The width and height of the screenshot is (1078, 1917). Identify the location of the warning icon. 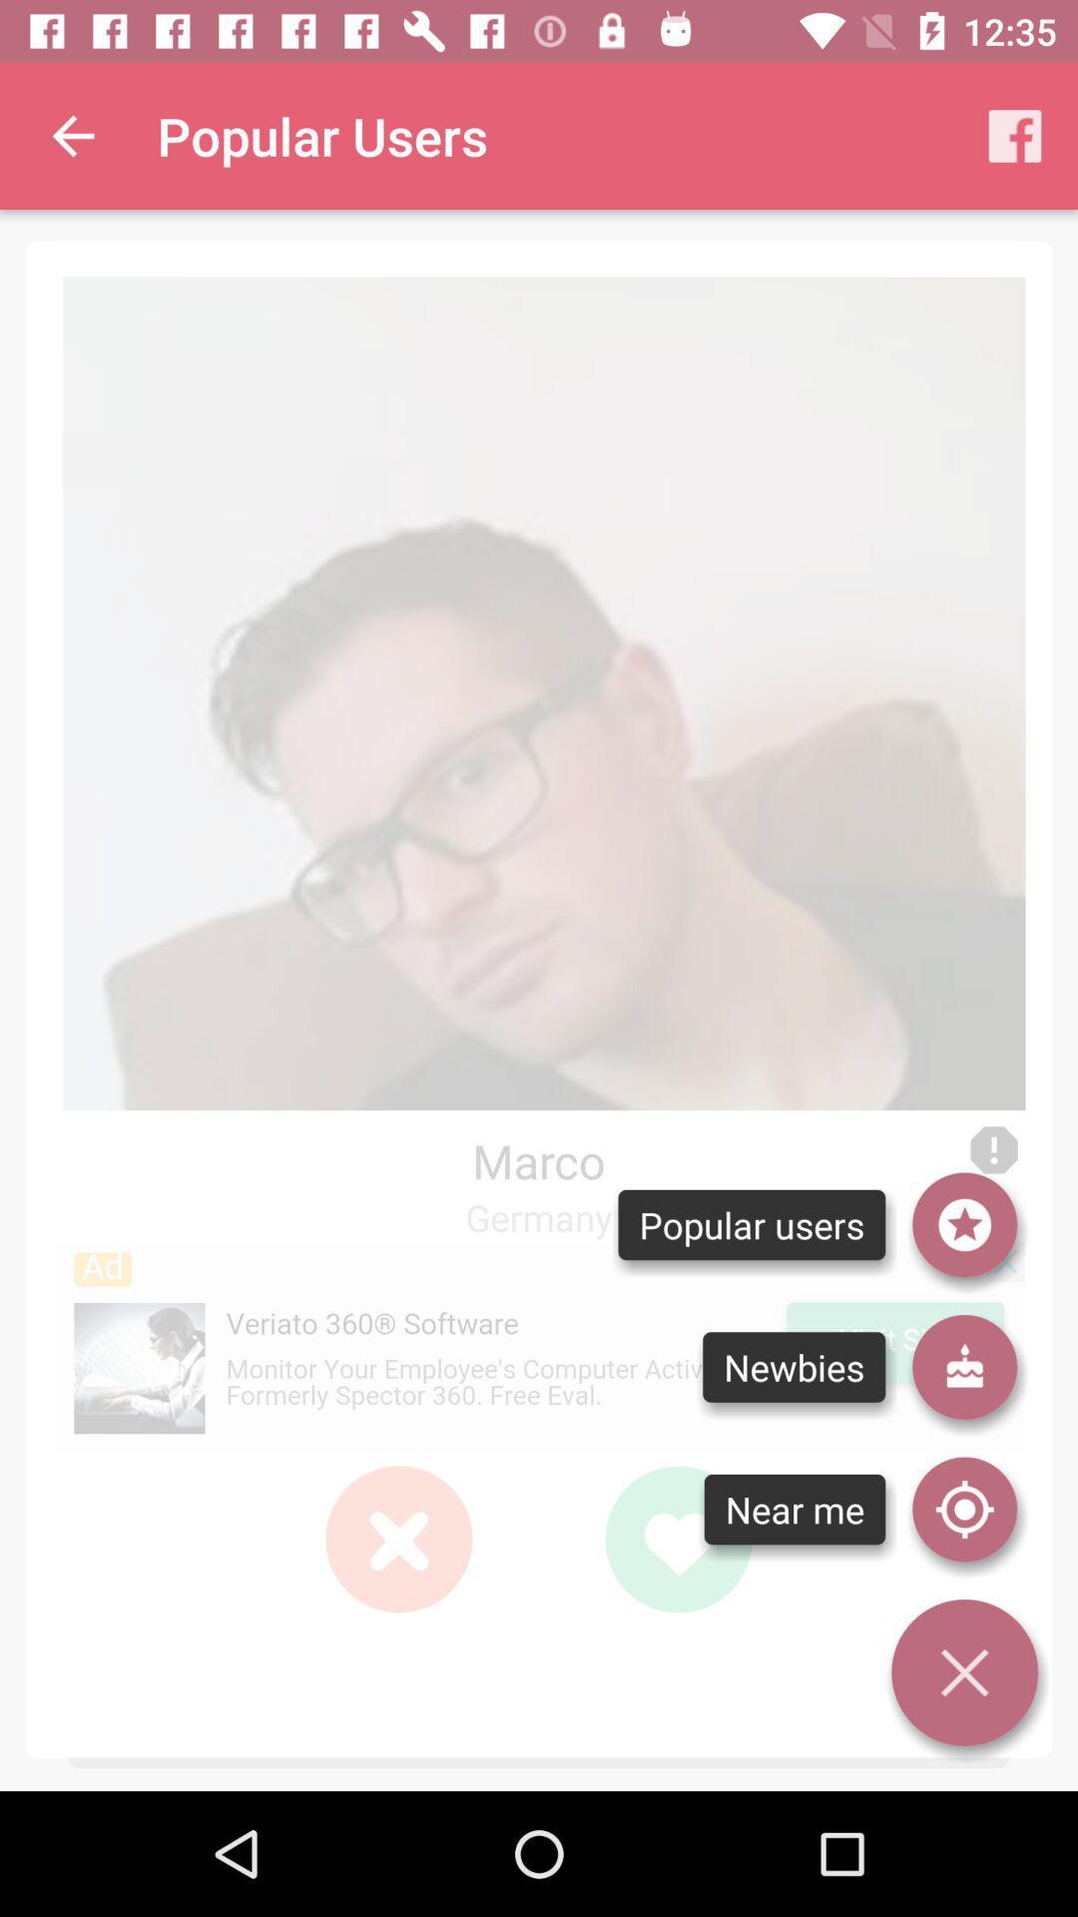
(993, 1150).